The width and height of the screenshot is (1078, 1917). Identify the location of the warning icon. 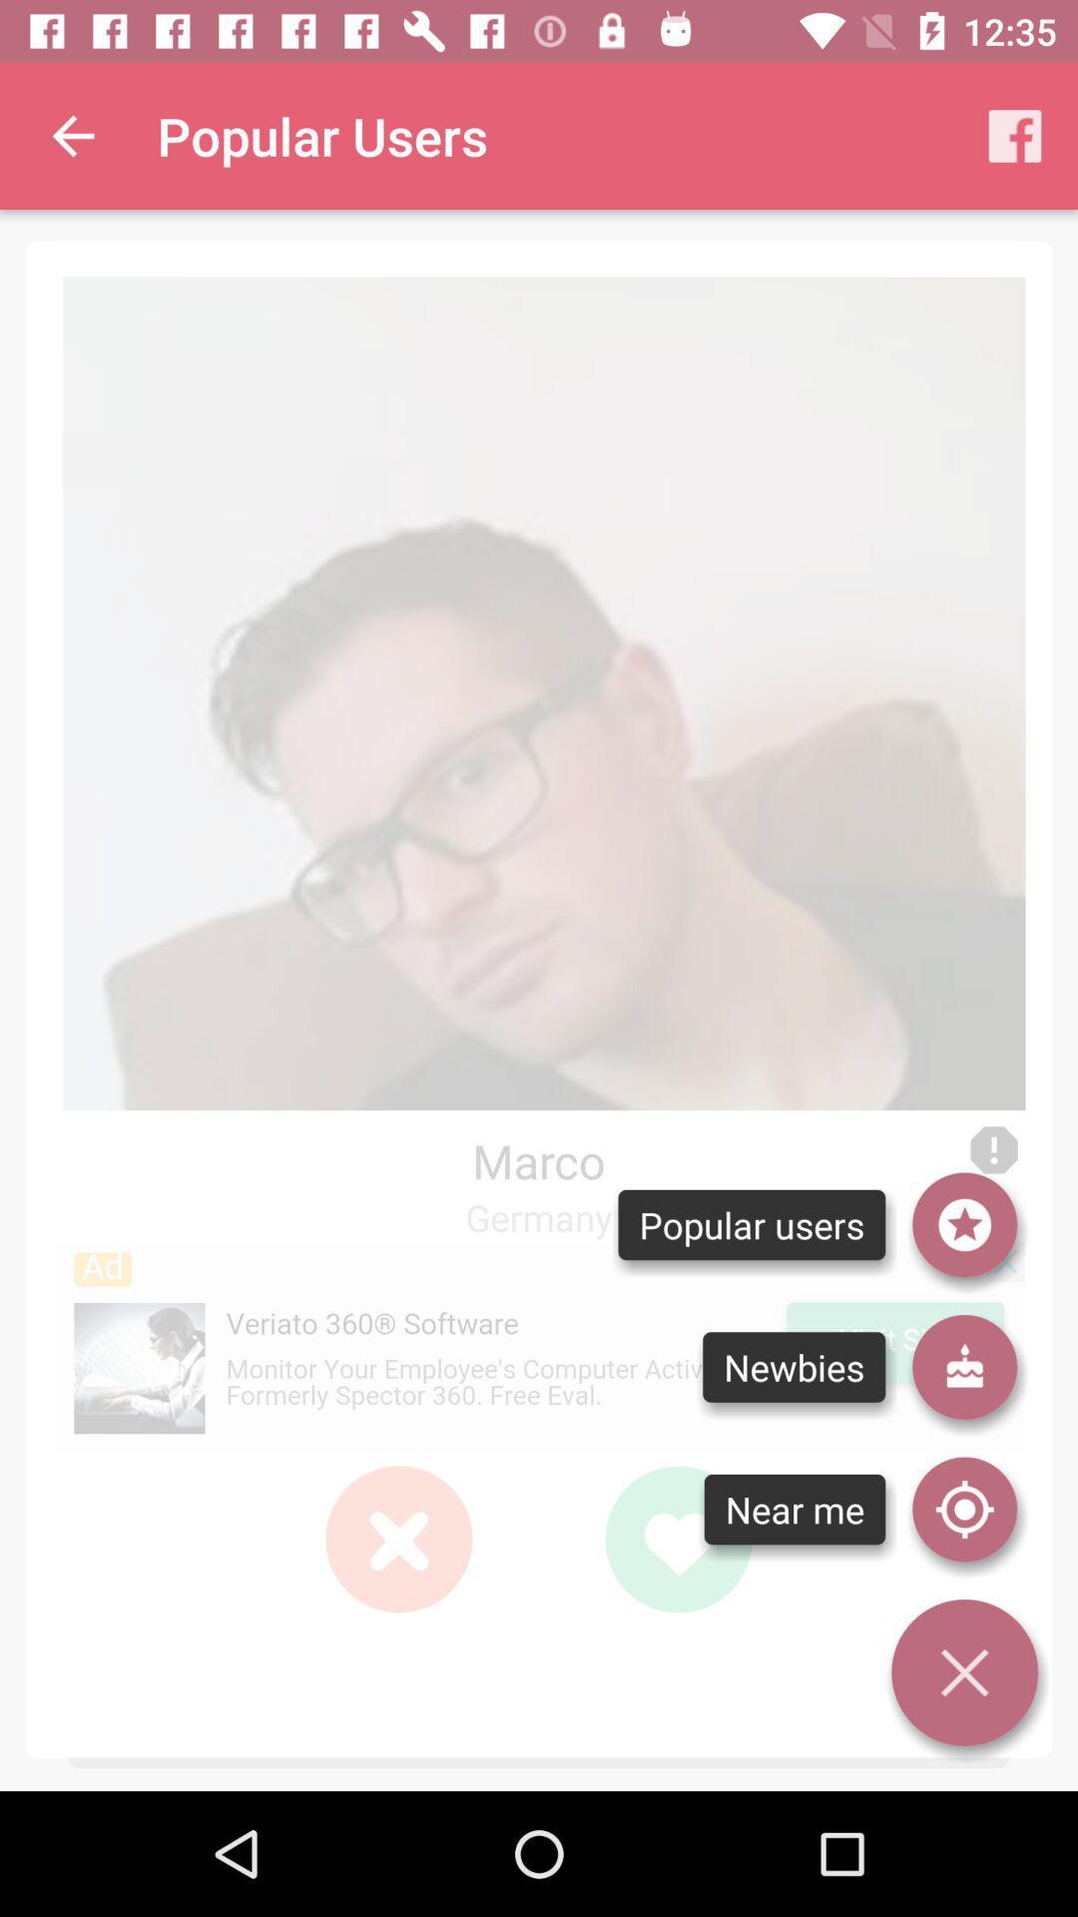
(993, 1150).